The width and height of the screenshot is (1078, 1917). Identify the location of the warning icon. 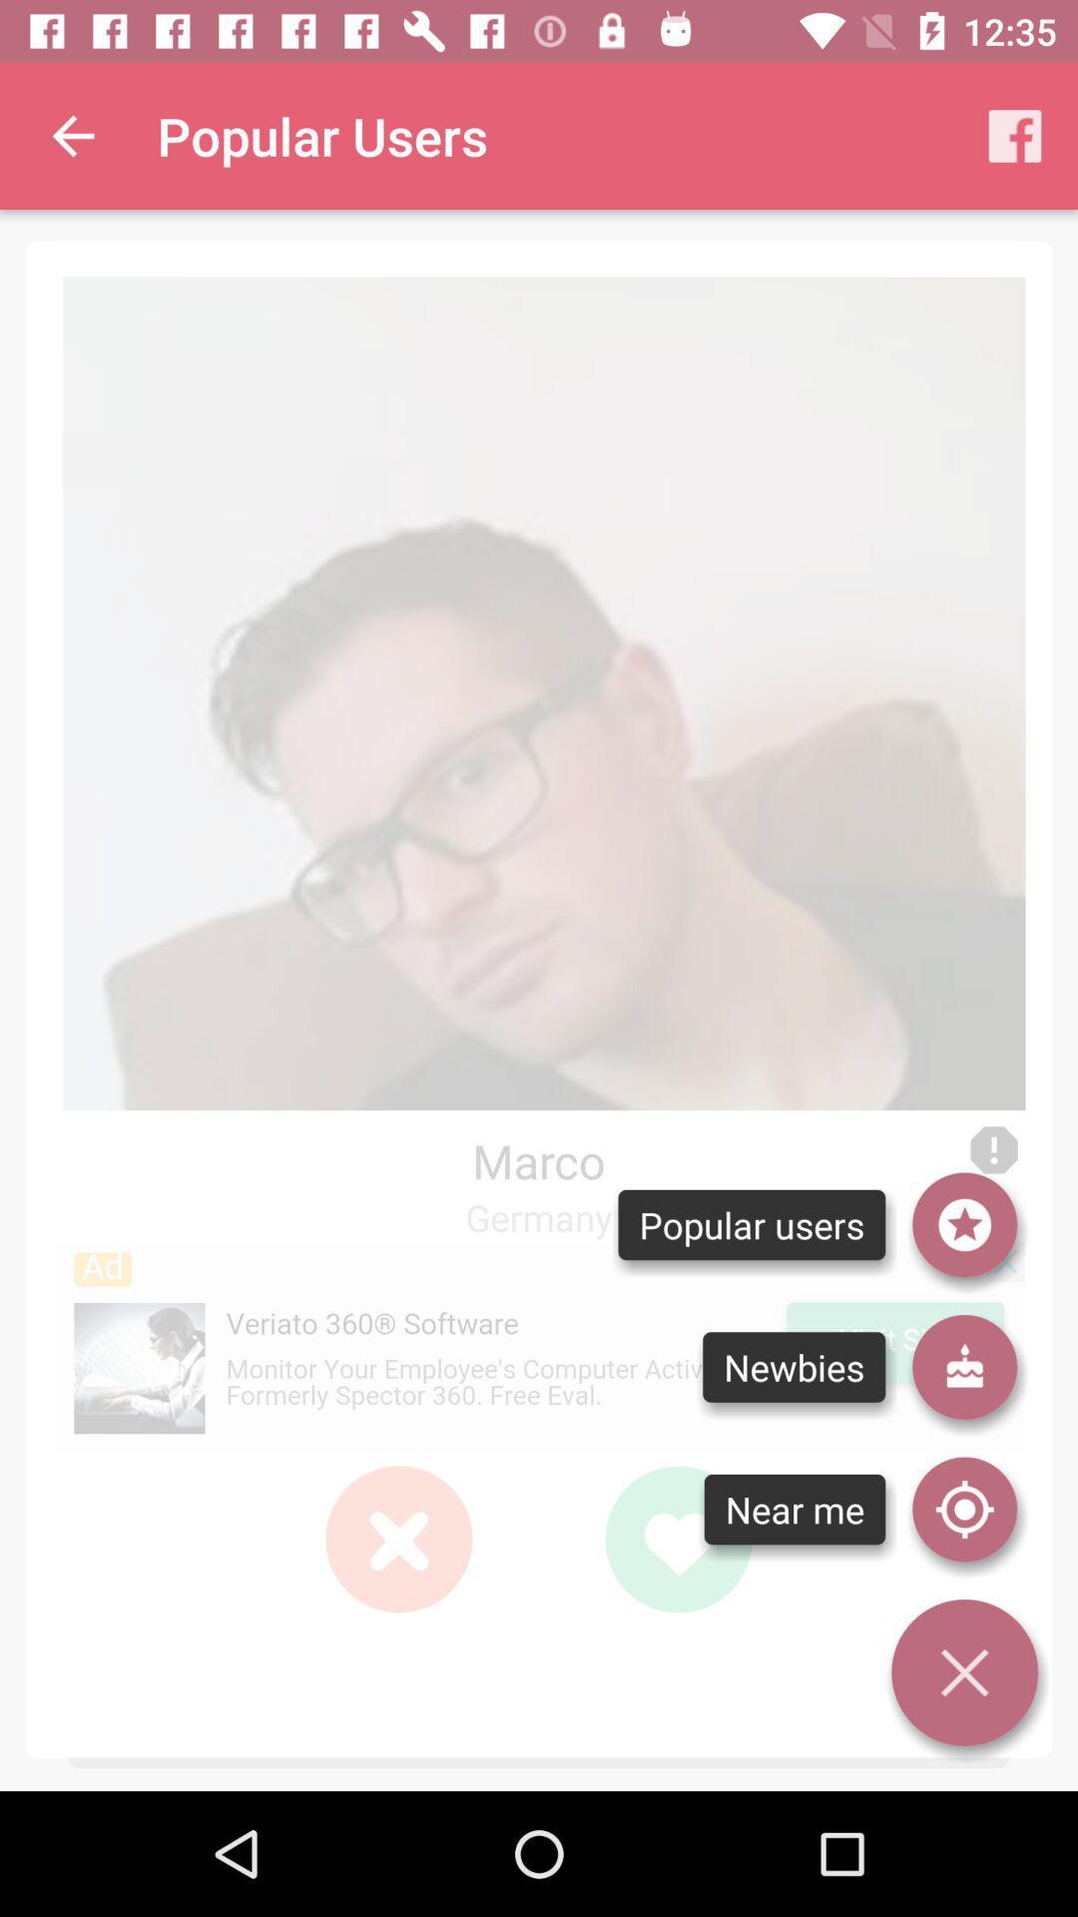
(993, 1150).